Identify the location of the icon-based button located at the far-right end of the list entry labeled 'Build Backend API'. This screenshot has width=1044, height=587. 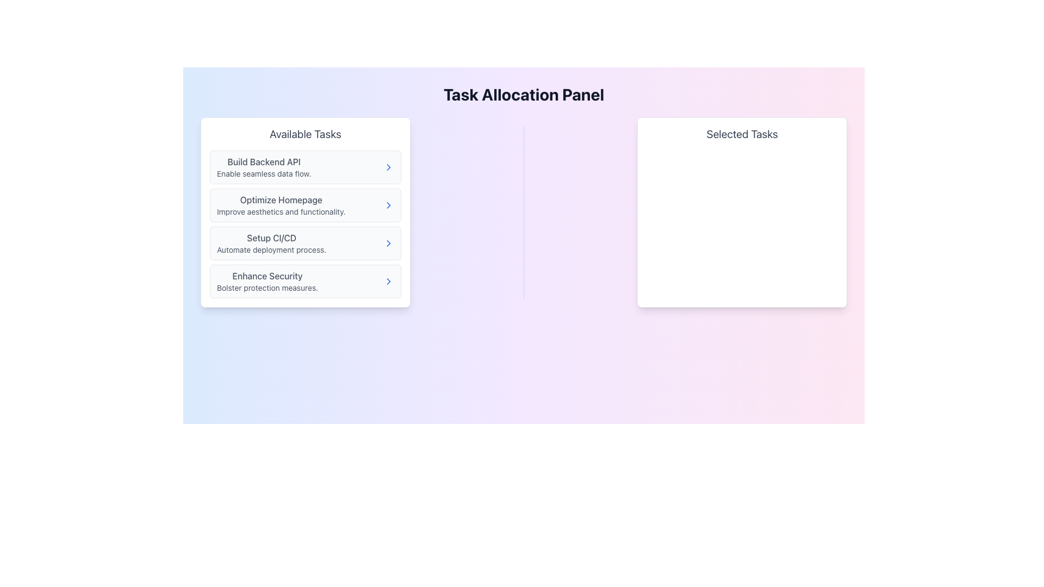
(388, 167).